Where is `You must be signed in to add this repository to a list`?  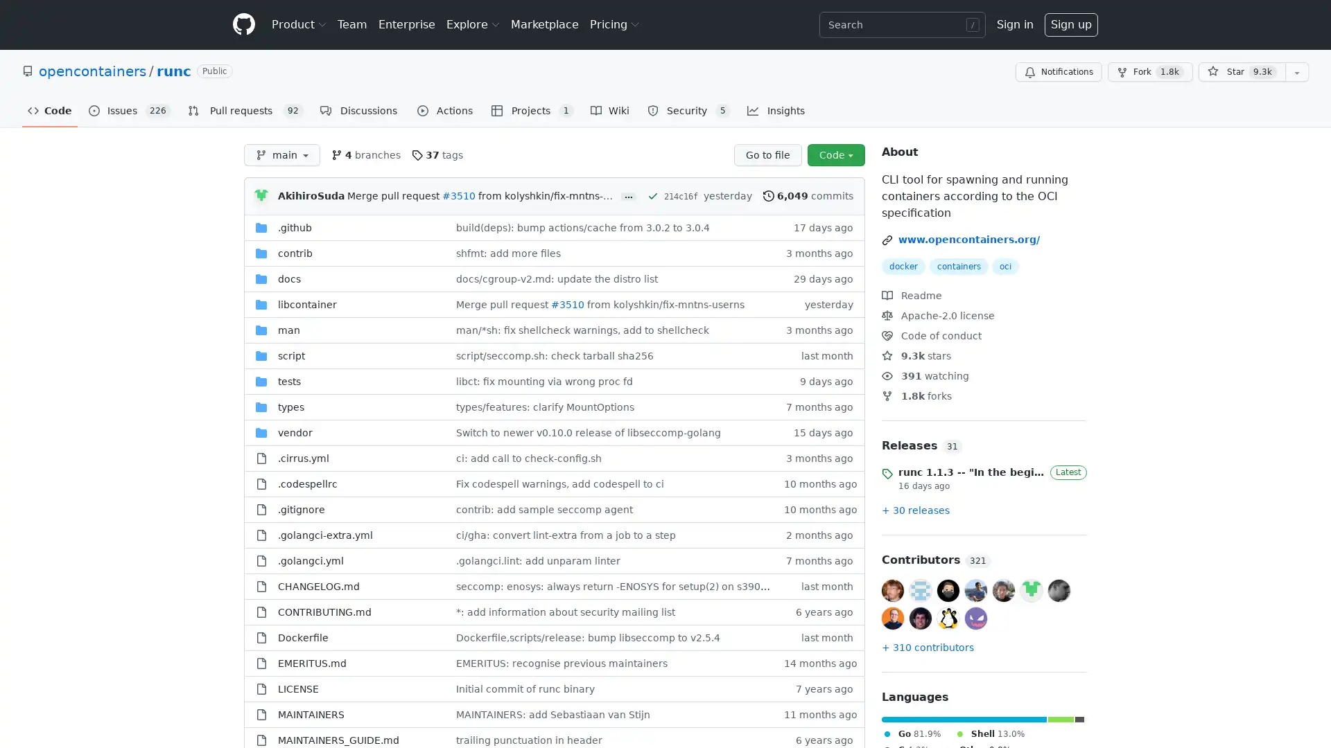
You must be signed in to add this repository to a list is located at coordinates (1296, 72).